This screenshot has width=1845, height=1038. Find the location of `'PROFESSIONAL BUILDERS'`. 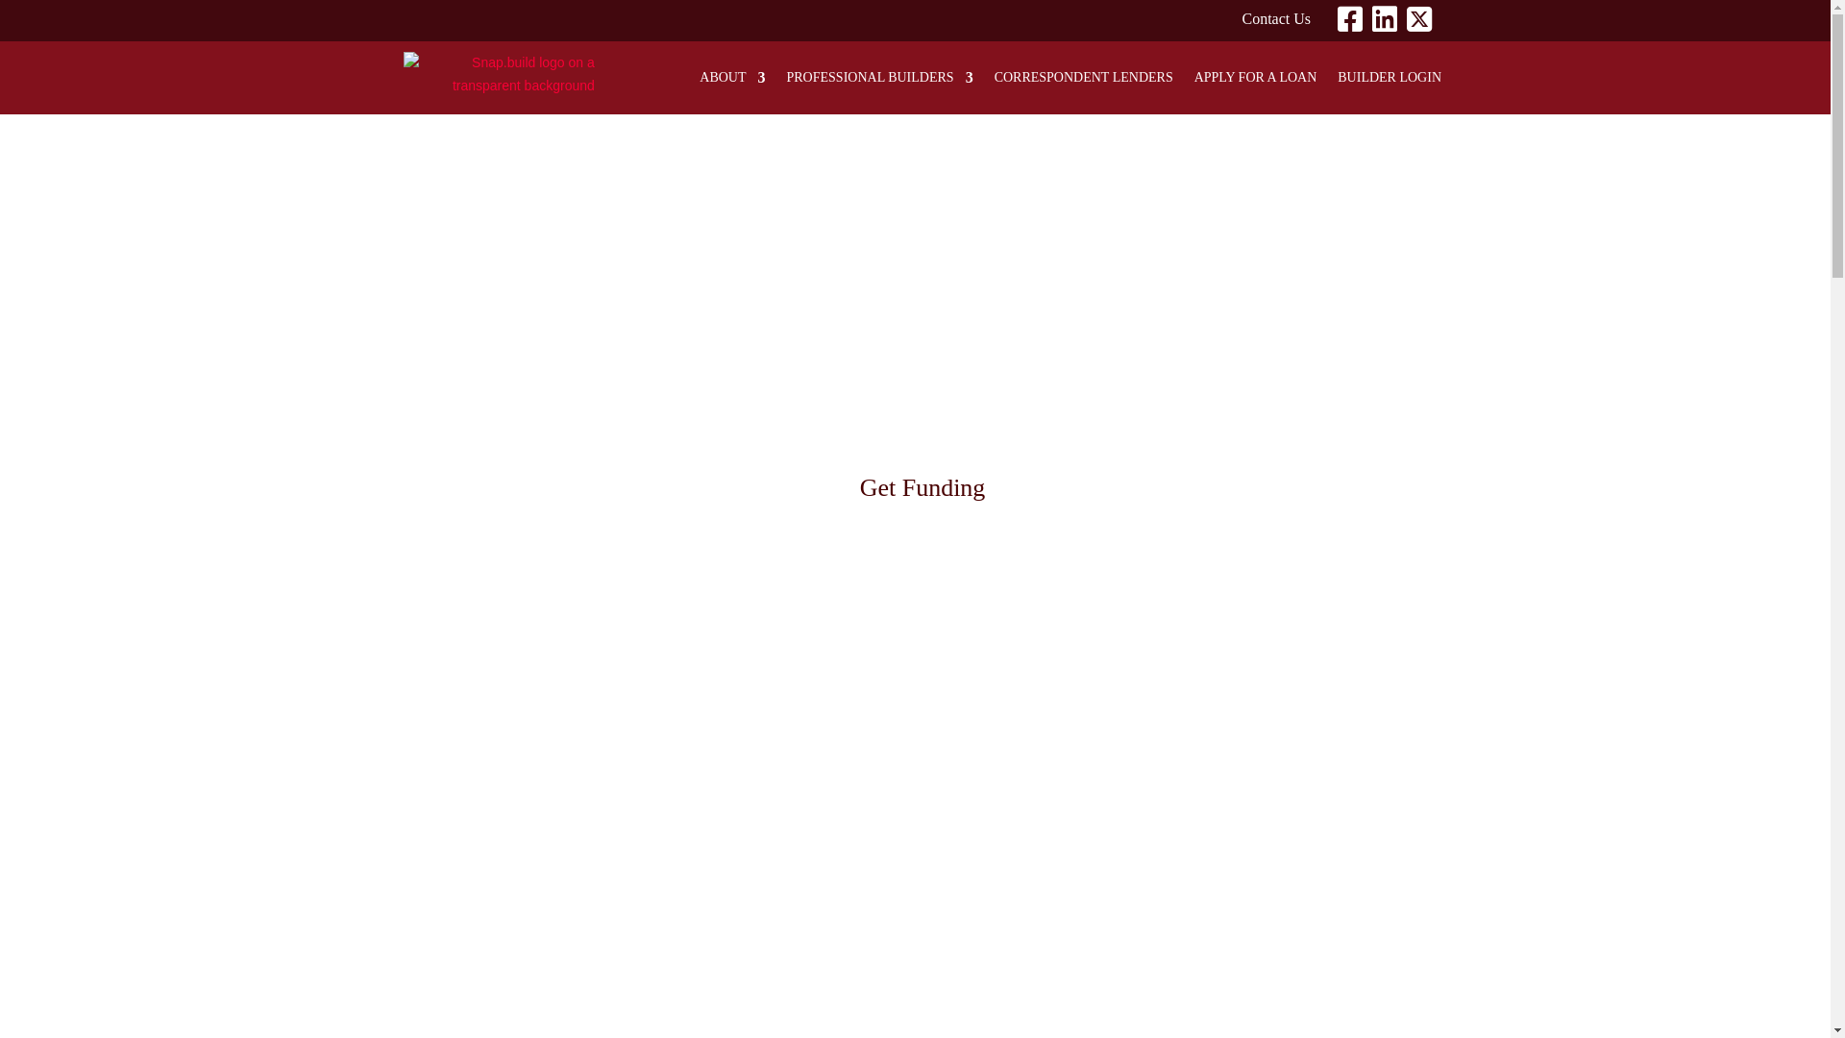

'PROFESSIONAL BUILDERS' is located at coordinates (785, 77).